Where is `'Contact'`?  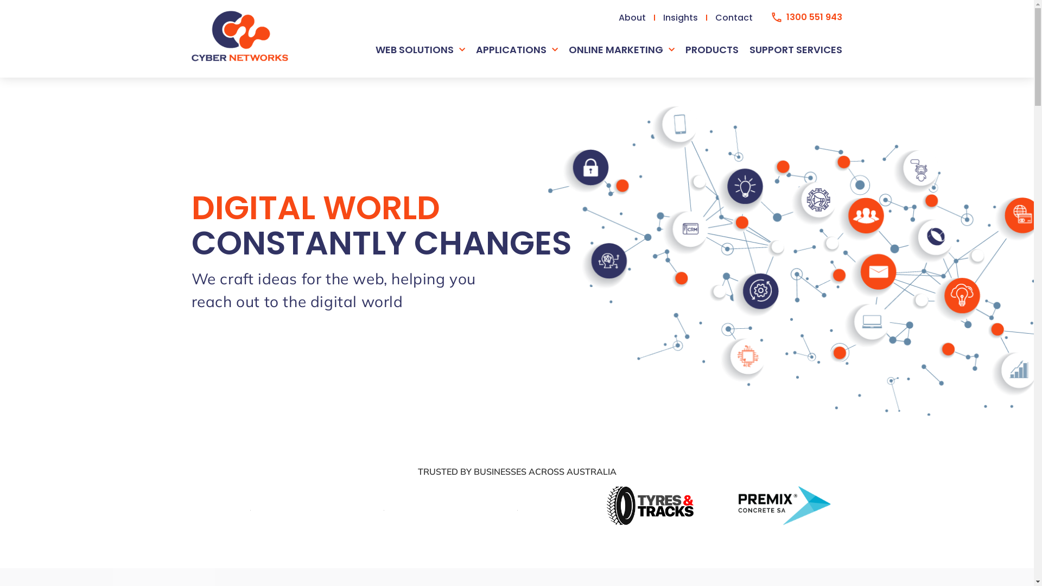 'Contact' is located at coordinates (734, 17).